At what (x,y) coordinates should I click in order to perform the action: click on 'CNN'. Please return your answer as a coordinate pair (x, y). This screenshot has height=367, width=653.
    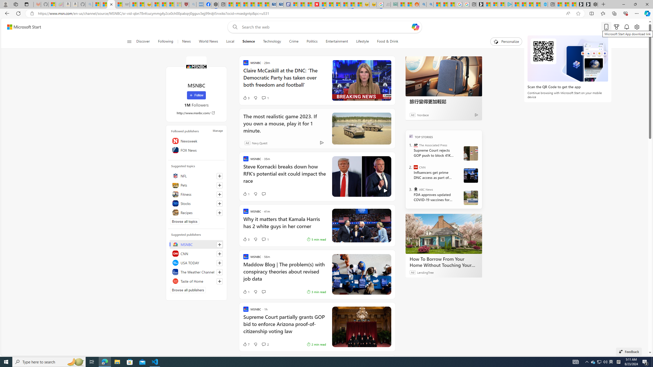
    Looking at the image, I should click on (416, 167).